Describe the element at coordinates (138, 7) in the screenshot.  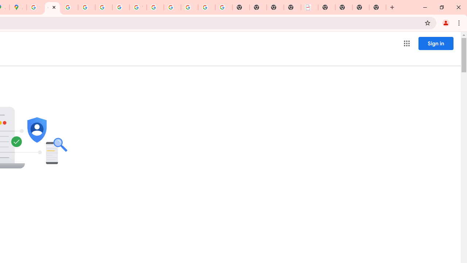
I see `'YouTube'` at that location.